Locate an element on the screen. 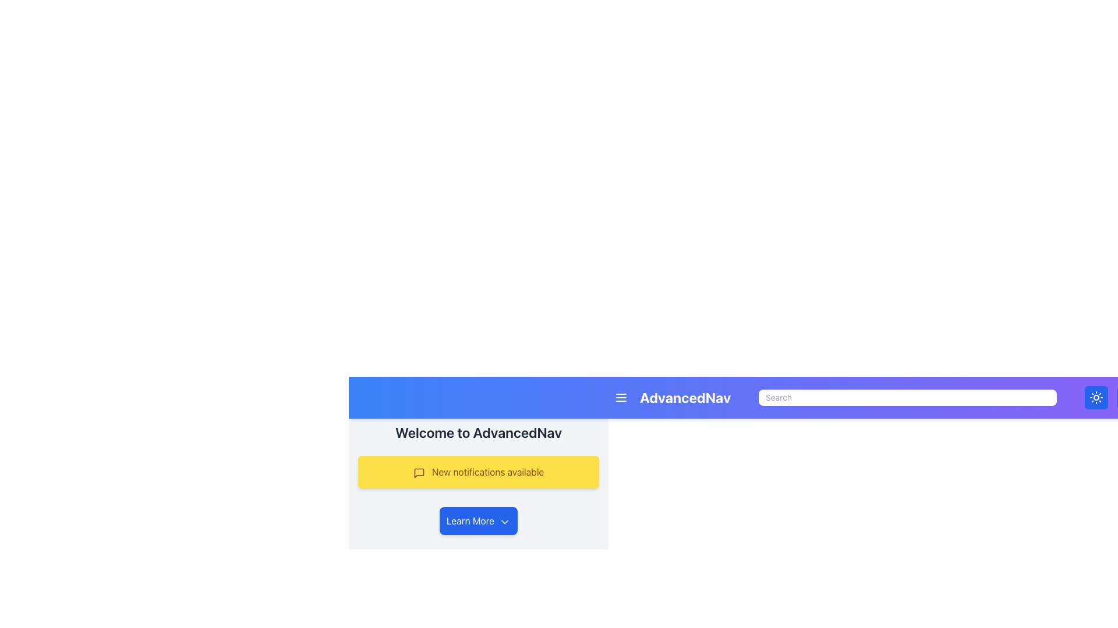  the button with a text label and chevron icon located below the yellow notification box is located at coordinates (478, 520).